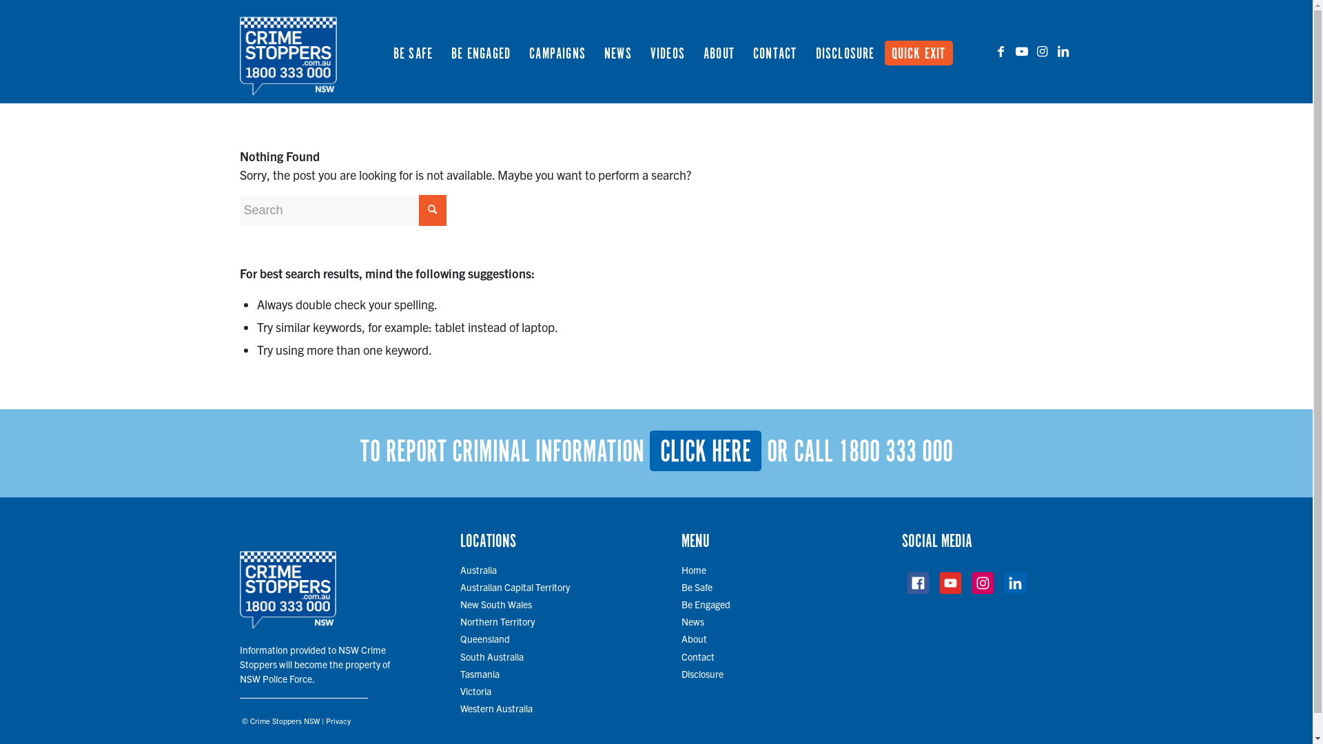 This screenshot has height=744, width=1323. I want to click on 'CAMPAIGNS', so click(557, 50).